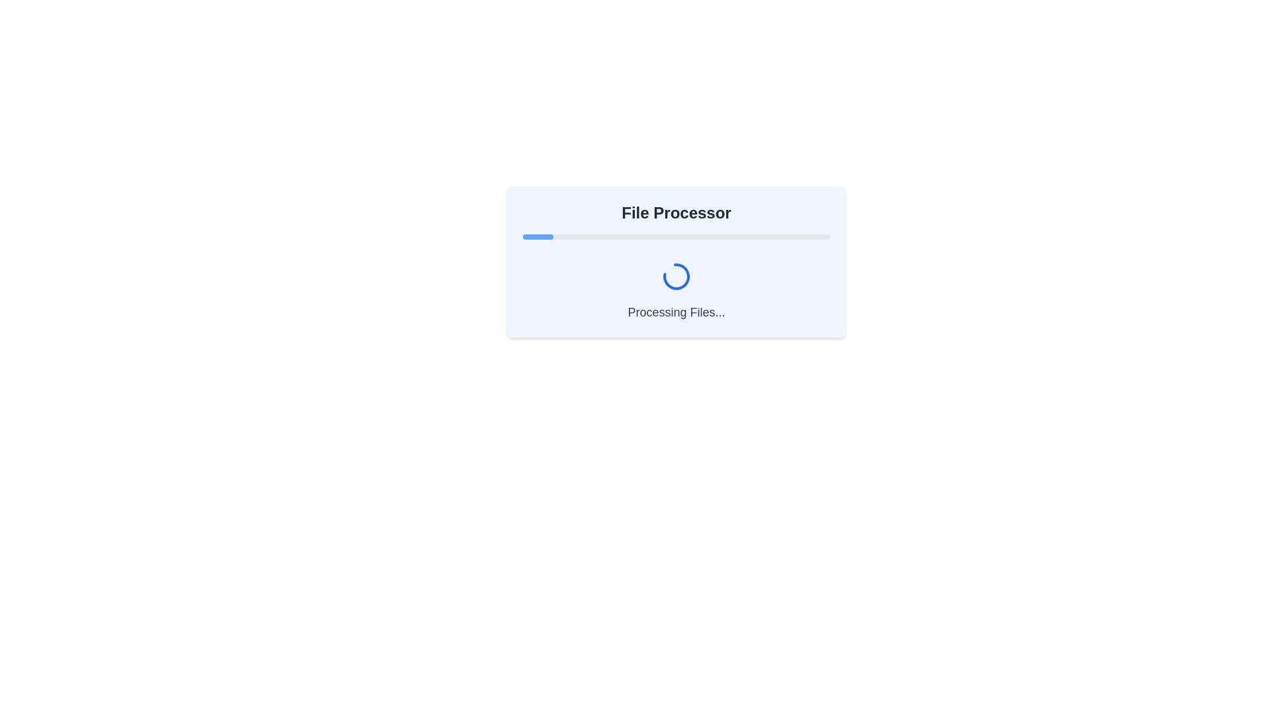 The width and height of the screenshot is (1271, 715). What do you see at coordinates (677, 312) in the screenshot?
I see `the text label displaying 'Processing Files...' which has a gray font color and is centrally aligned, located below the spinning circular loader graphic` at bounding box center [677, 312].